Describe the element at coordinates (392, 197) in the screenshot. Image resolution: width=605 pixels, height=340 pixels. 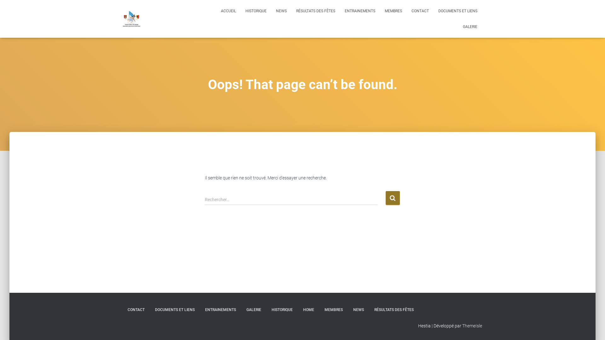
I see `'Rechercher'` at that location.